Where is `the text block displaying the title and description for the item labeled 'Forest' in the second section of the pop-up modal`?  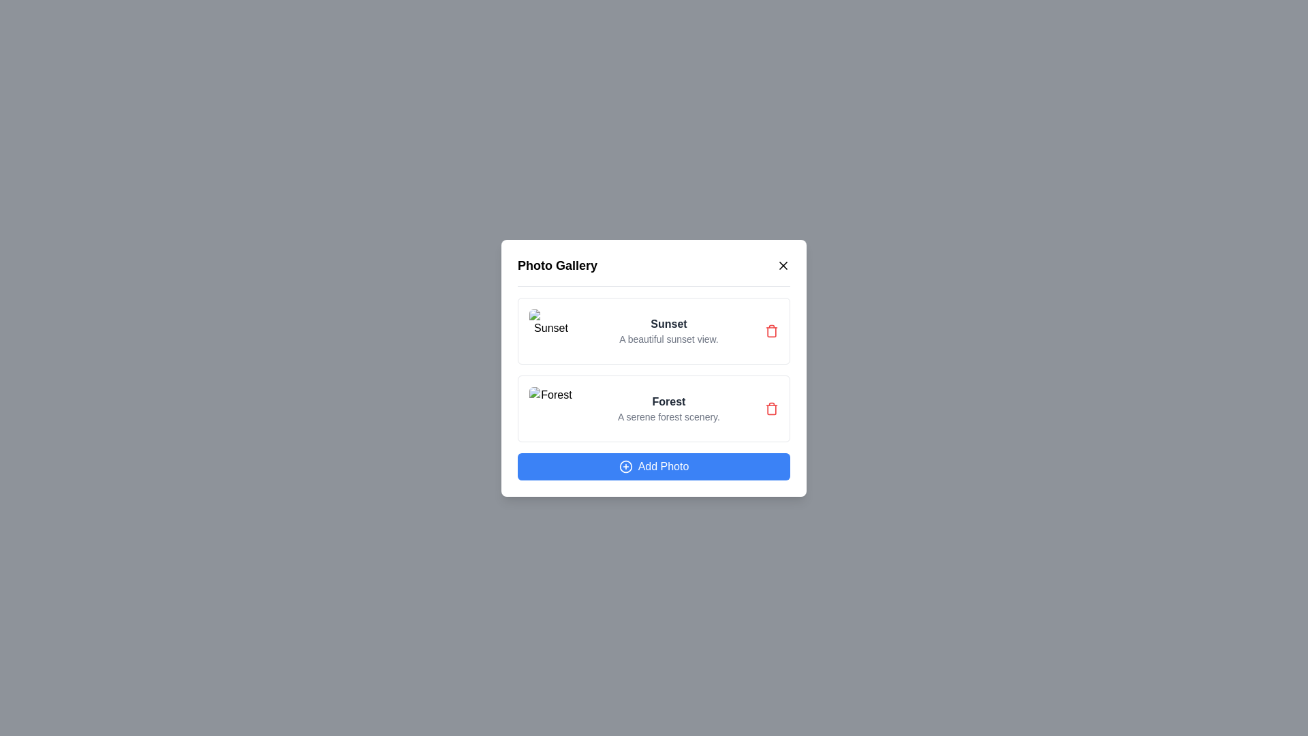 the text block displaying the title and description for the item labeled 'Forest' in the second section of the pop-up modal is located at coordinates (669, 407).